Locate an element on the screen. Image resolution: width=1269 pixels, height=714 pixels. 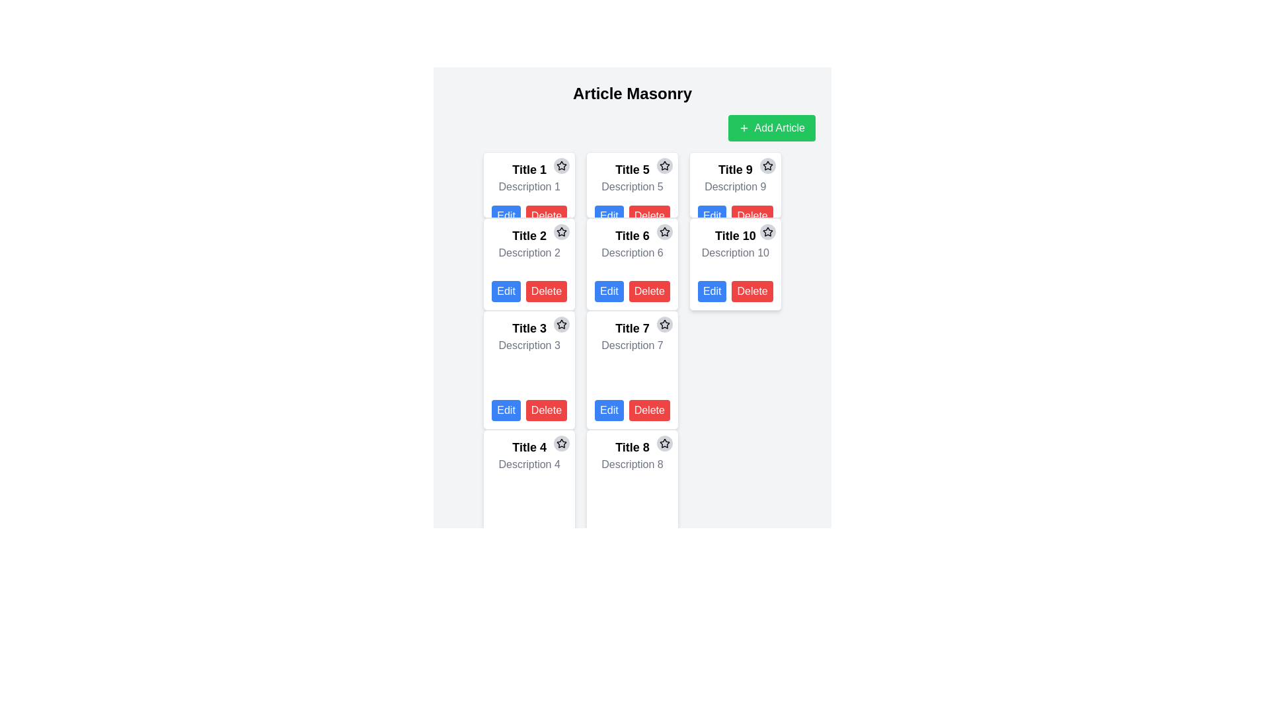
the edit button located at the bottom of the card labeled 'Title 2' is located at coordinates (506, 290).